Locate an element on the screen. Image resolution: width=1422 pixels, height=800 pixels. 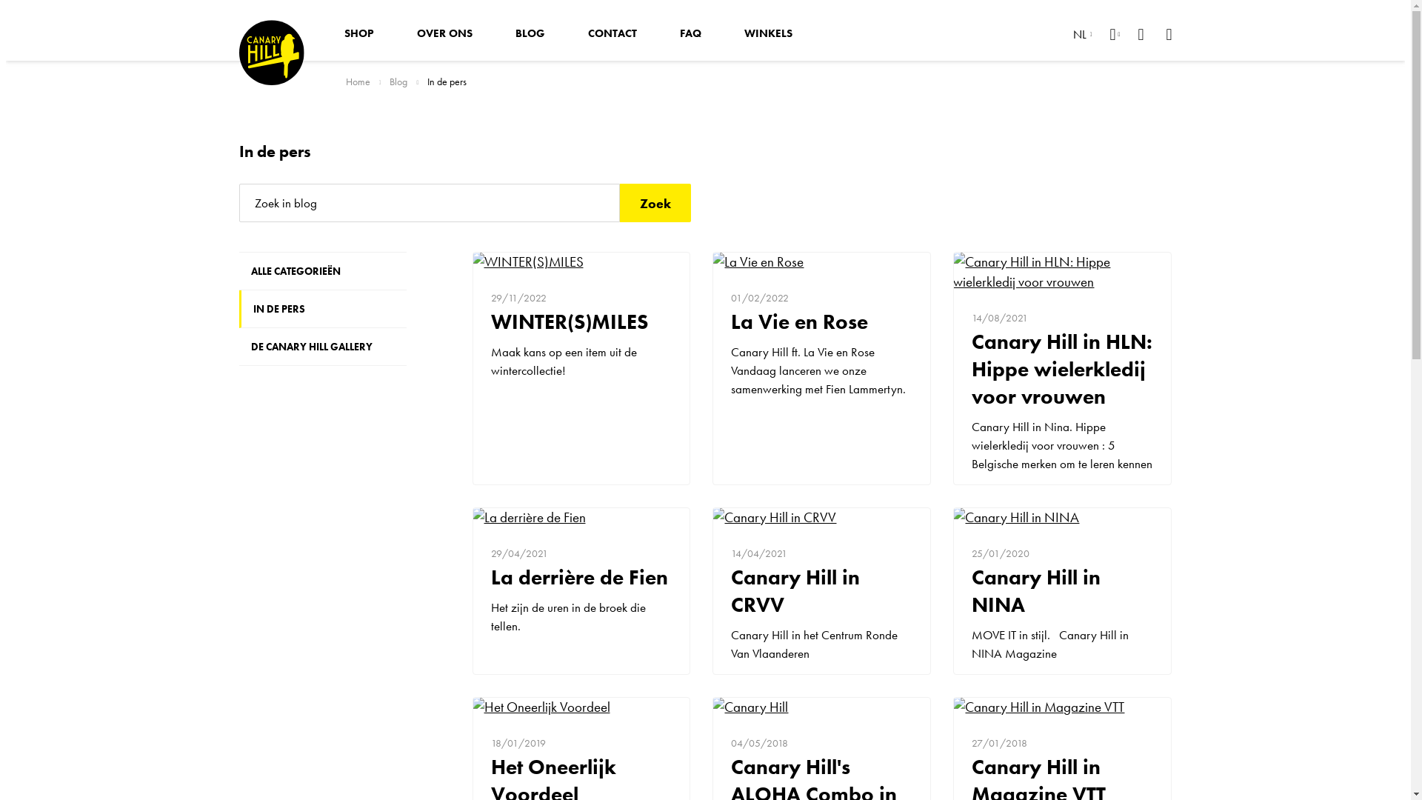
'Blog' is located at coordinates (398, 81).